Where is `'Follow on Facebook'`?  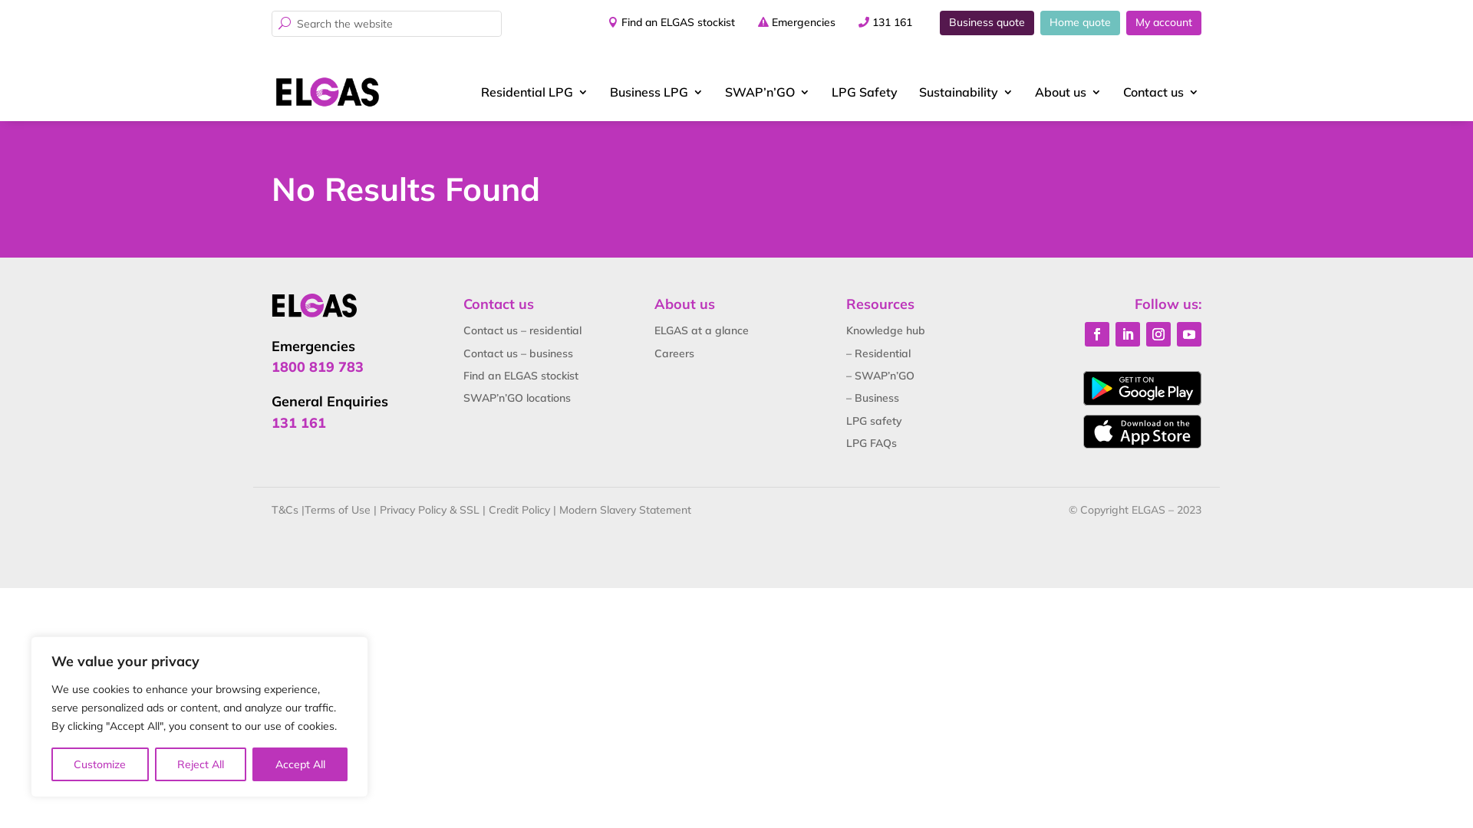
'Follow on Facebook' is located at coordinates (1096, 333).